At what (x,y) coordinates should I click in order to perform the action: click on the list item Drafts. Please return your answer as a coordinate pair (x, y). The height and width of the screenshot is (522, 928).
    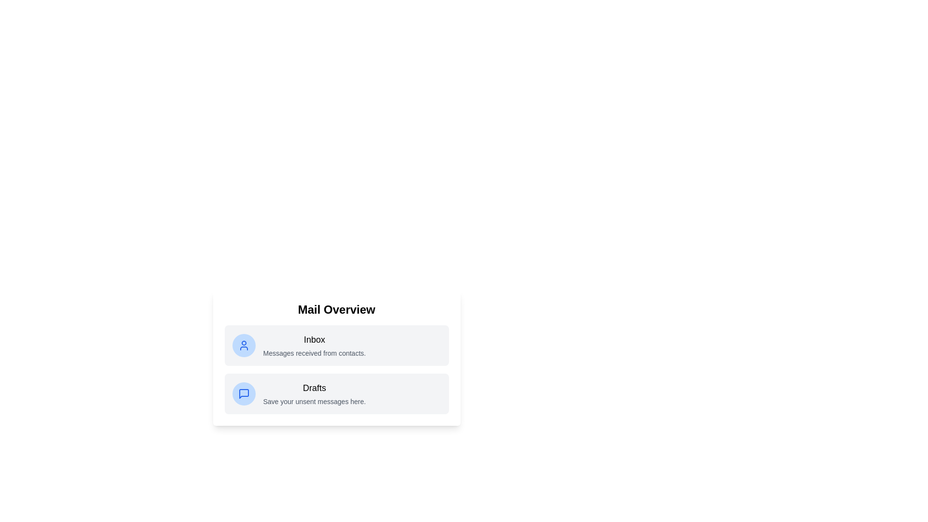
    Looking at the image, I should click on (336, 393).